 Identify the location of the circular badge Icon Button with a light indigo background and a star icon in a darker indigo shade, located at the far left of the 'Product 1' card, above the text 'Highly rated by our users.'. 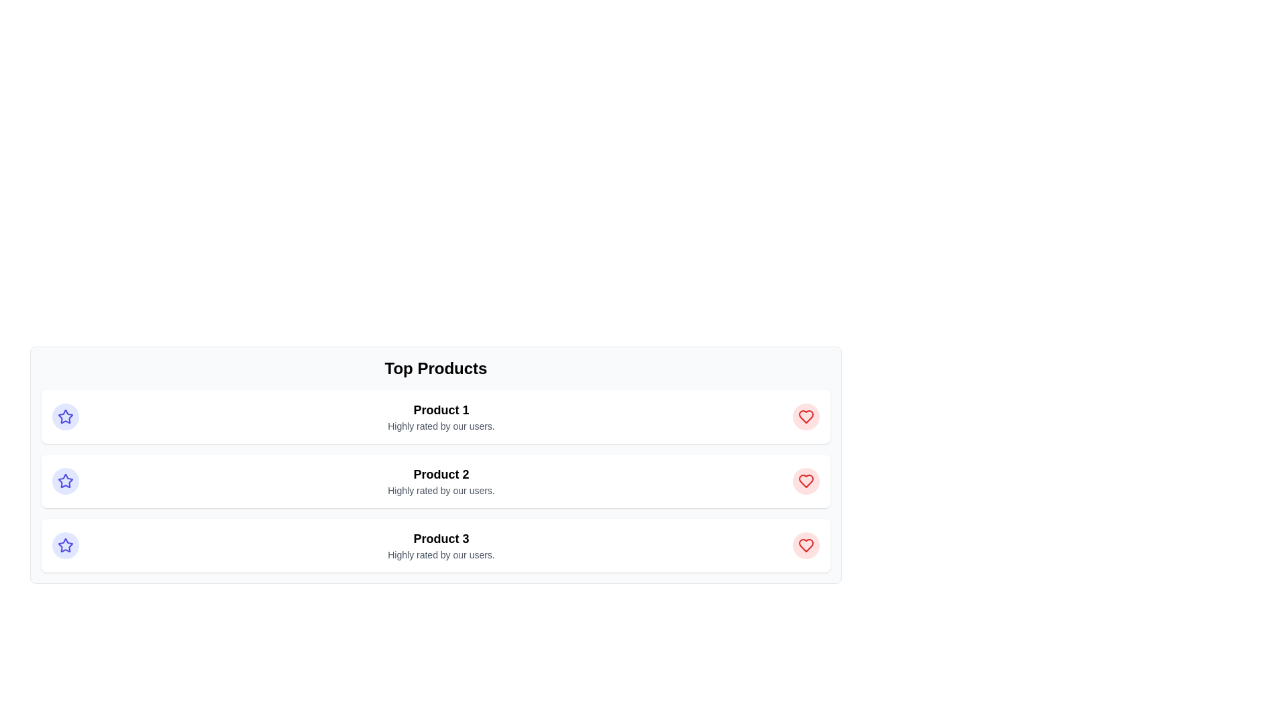
(64, 416).